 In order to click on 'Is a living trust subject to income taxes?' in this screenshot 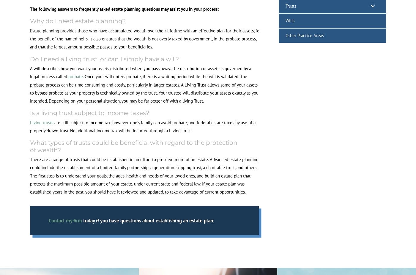, I will do `click(89, 112)`.